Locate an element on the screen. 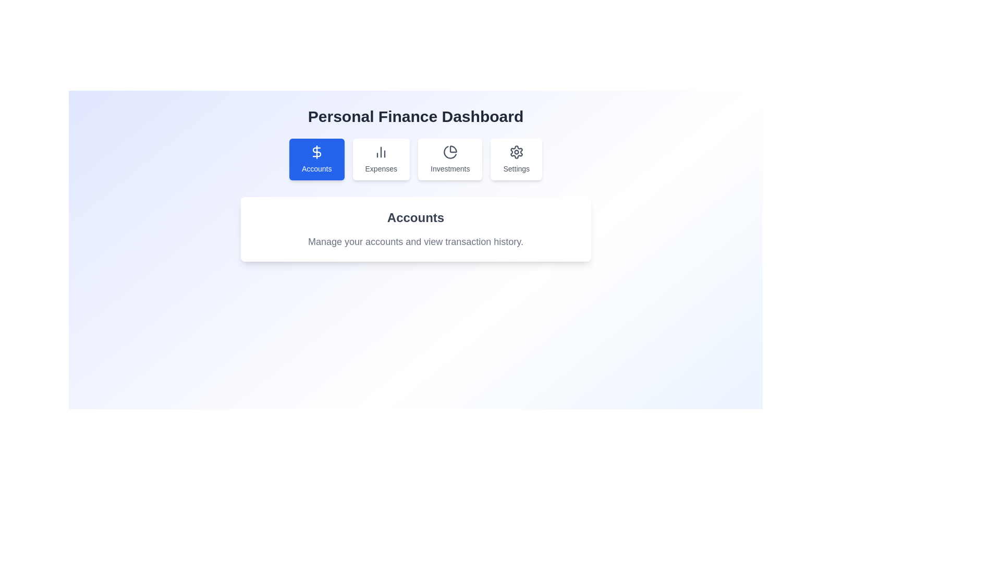 The image size is (1001, 563). the 'Settings' text label, which is styled with a small font size and medium weight, located below a gear icon in the last card of a row containing similar cards is located at coordinates (516, 168).